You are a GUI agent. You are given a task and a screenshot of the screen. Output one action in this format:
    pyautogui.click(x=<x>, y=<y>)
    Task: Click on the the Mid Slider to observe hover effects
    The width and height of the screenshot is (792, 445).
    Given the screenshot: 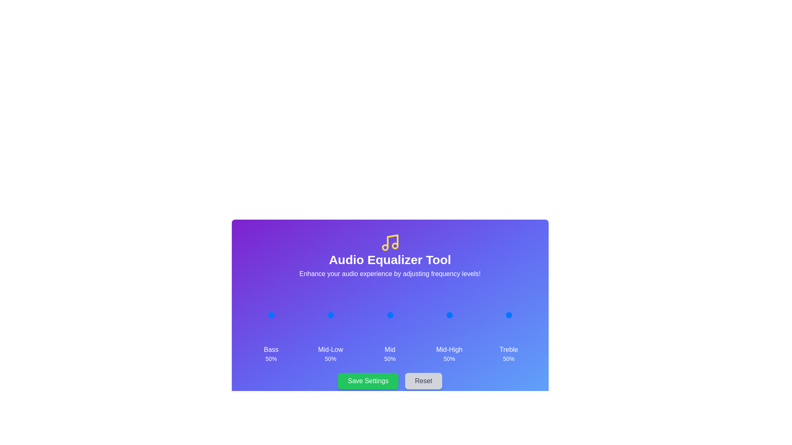 What is the action you would take?
    pyautogui.click(x=389, y=315)
    